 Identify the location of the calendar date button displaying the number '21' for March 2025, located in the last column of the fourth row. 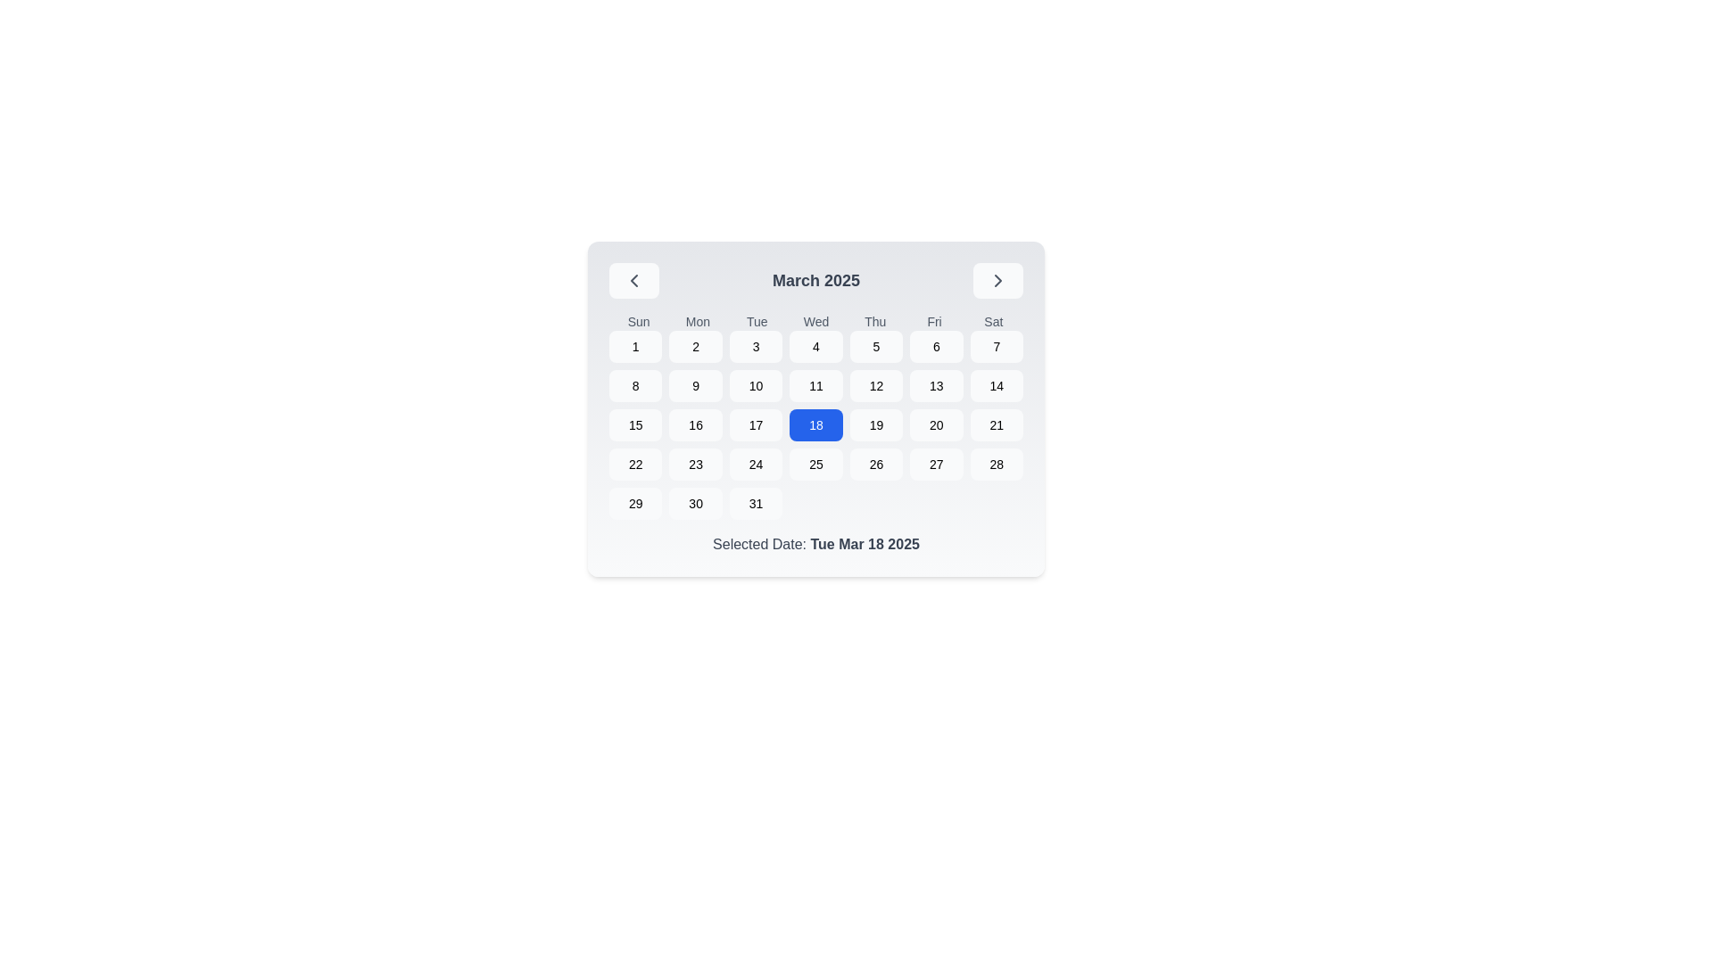
(996, 425).